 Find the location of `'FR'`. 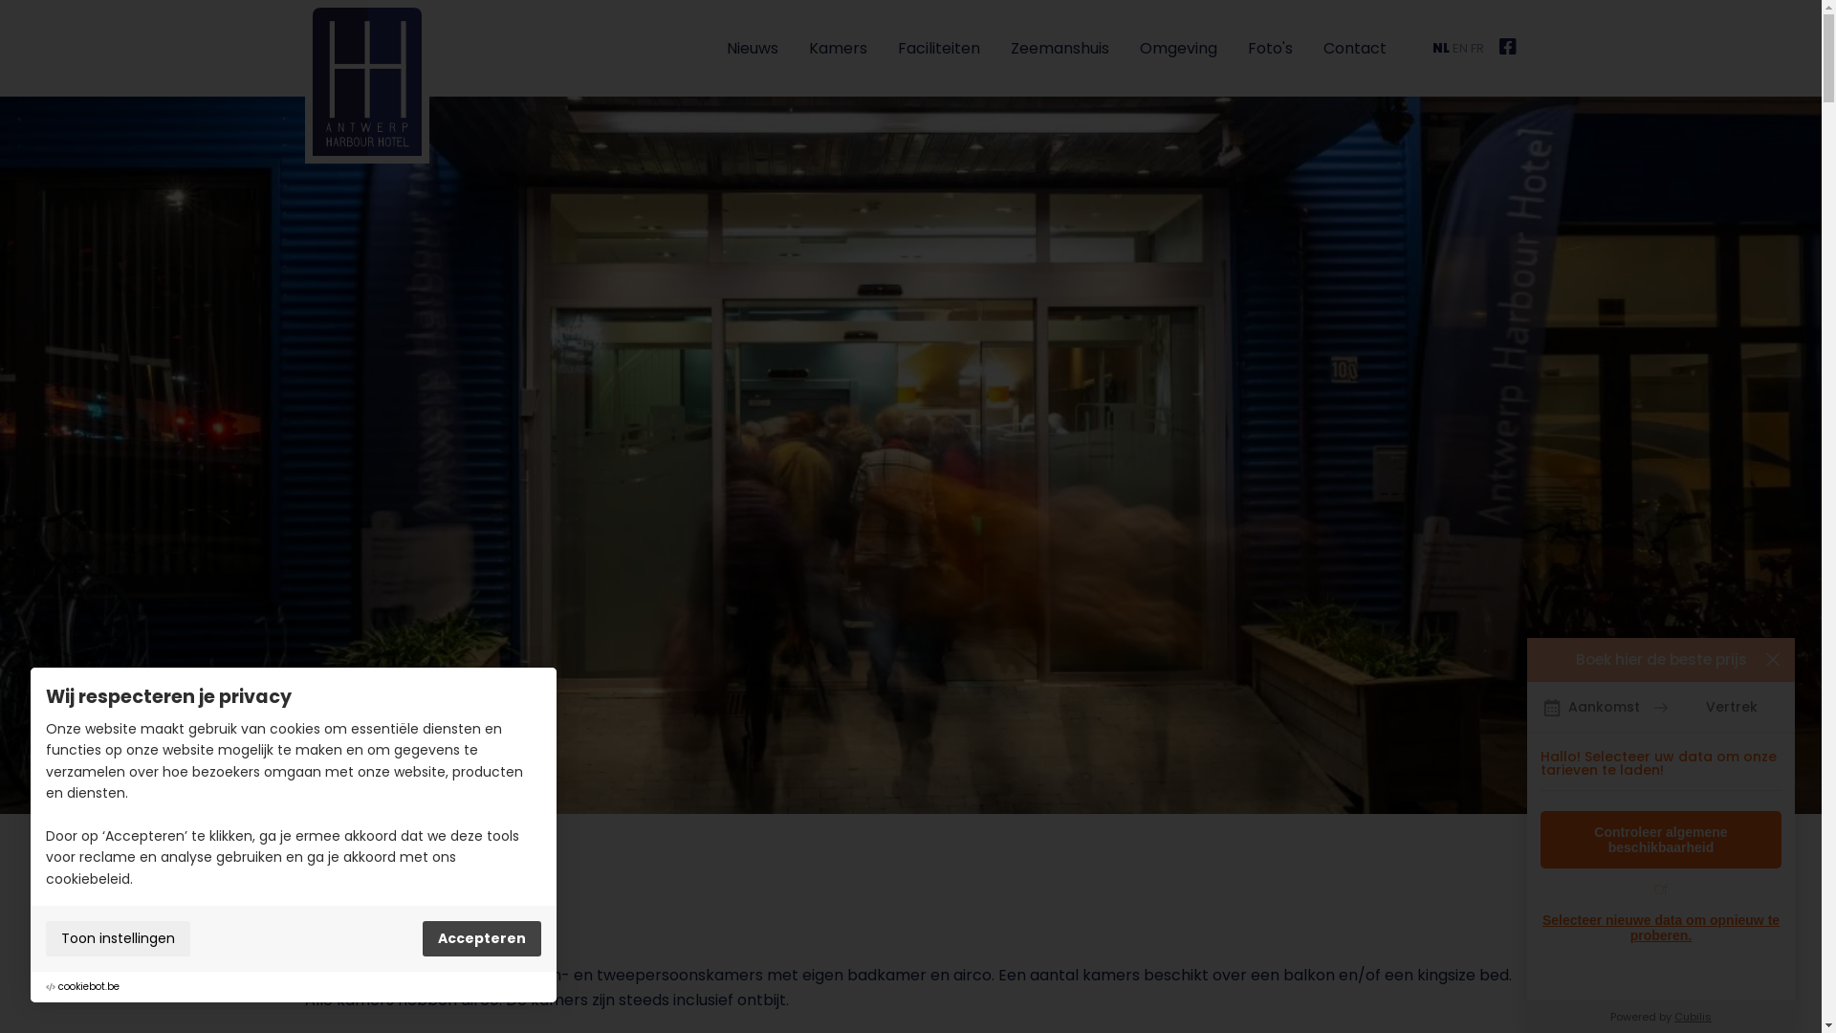

'FR' is located at coordinates (1476, 46).